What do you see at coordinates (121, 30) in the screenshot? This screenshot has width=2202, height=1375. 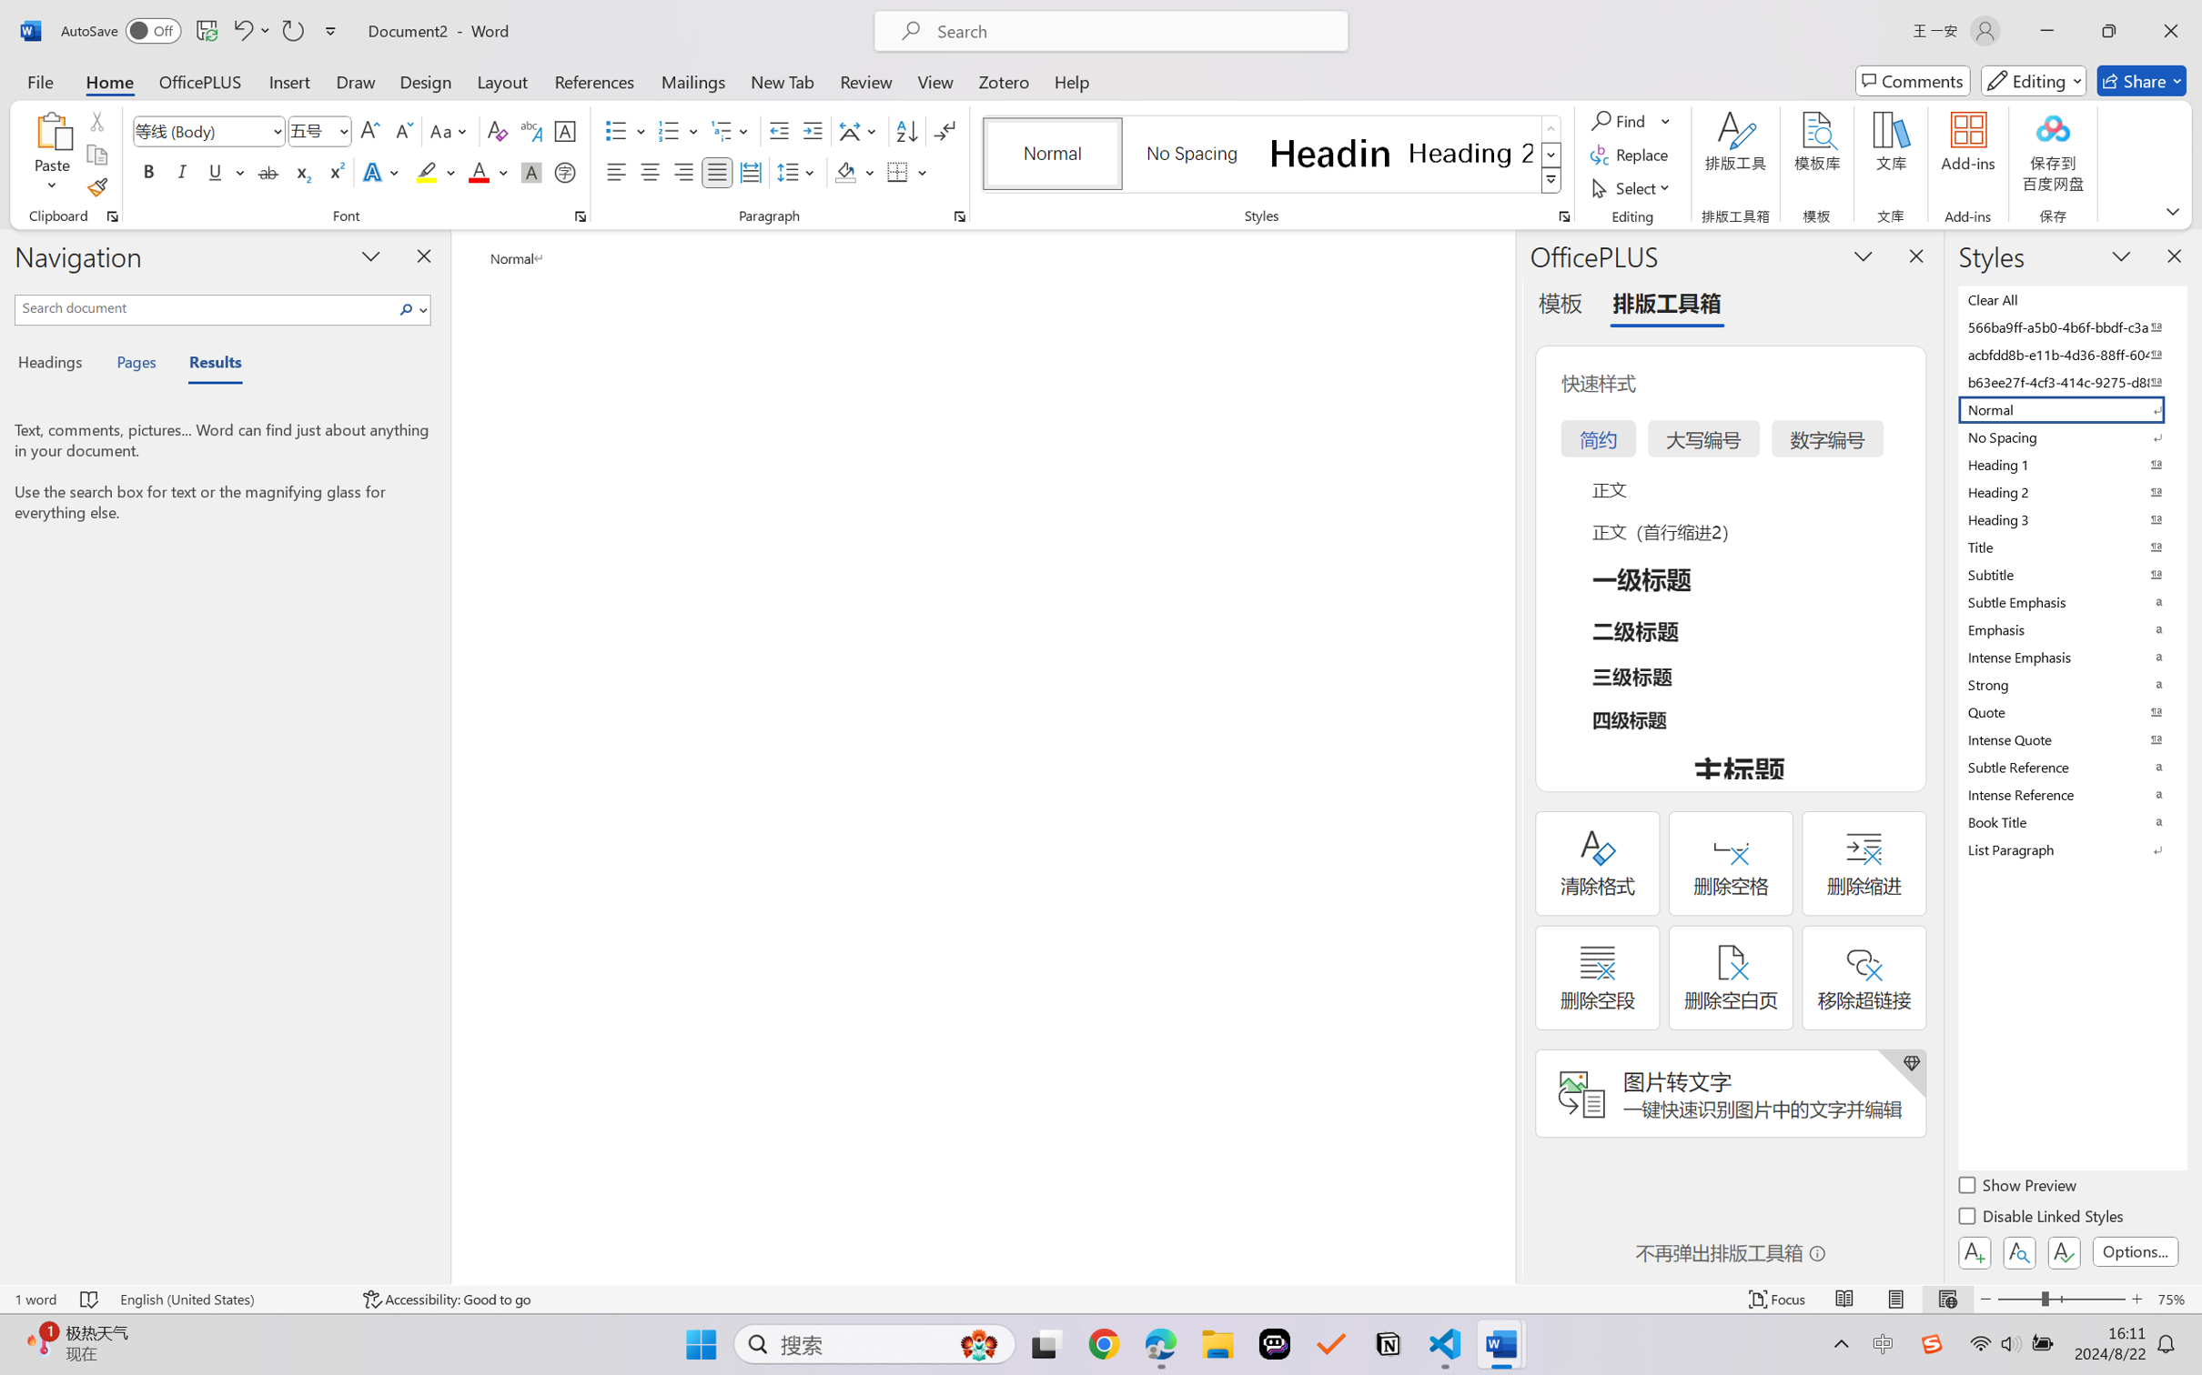 I see `'AutoSave'` at bounding box center [121, 30].